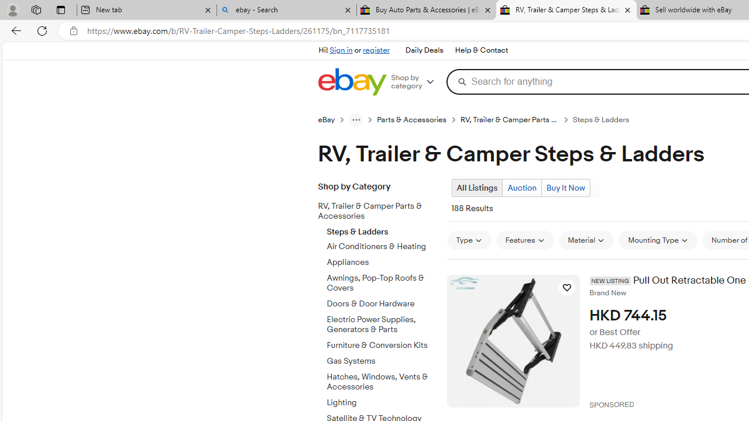 Image resolution: width=749 pixels, height=421 pixels. I want to click on 'eBay', so click(327, 120).